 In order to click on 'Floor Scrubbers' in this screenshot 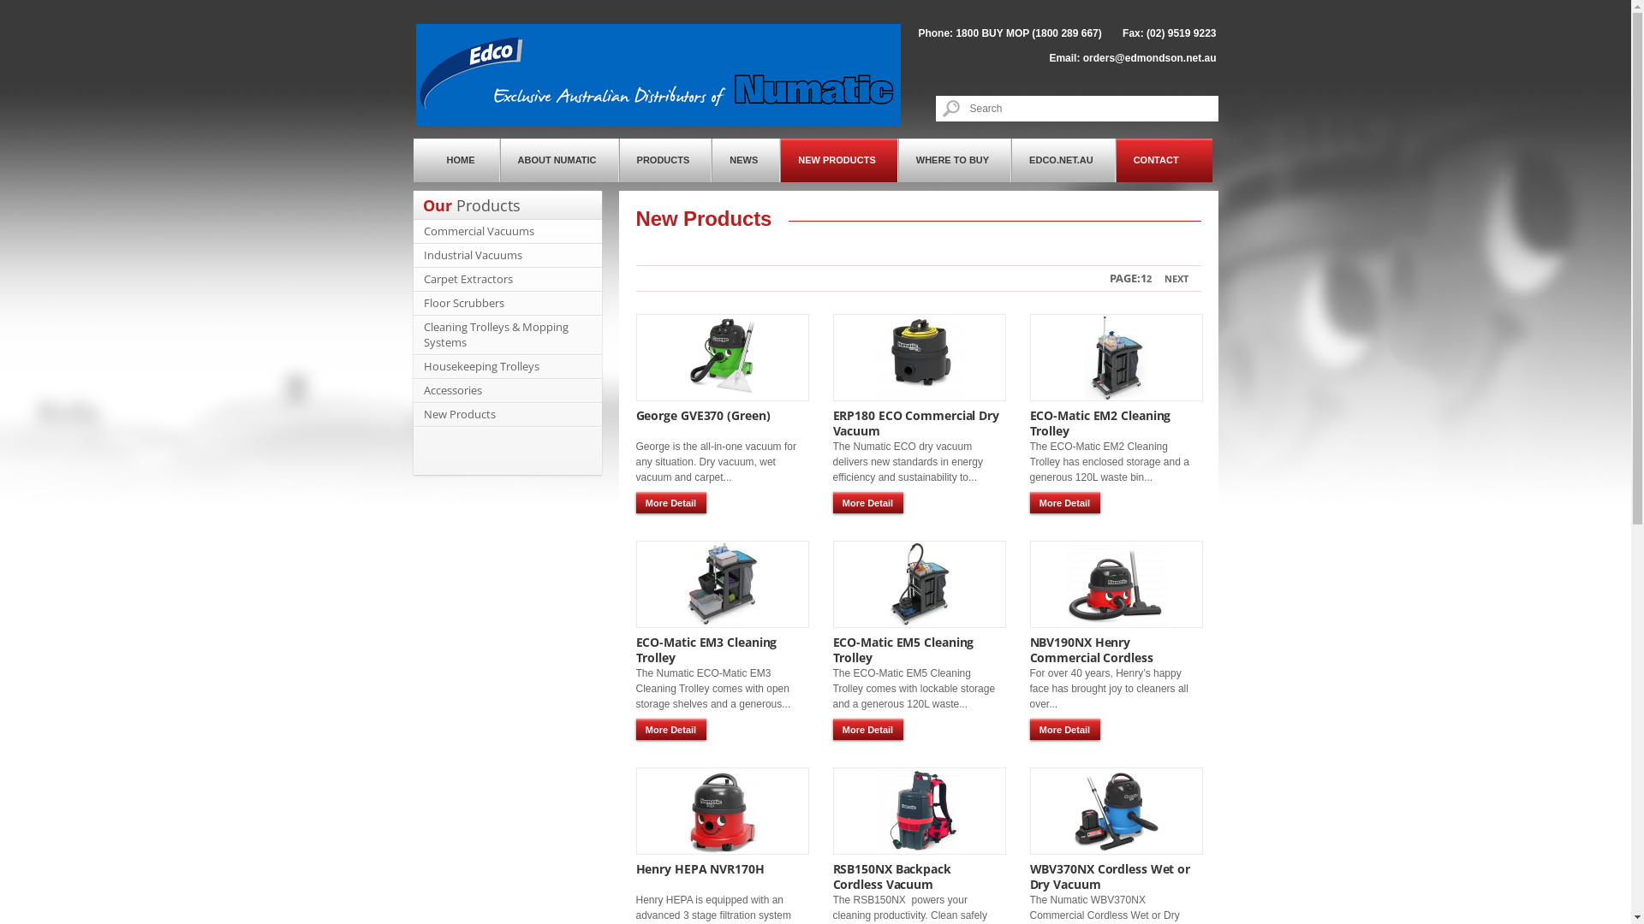, I will do `click(463, 302)`.